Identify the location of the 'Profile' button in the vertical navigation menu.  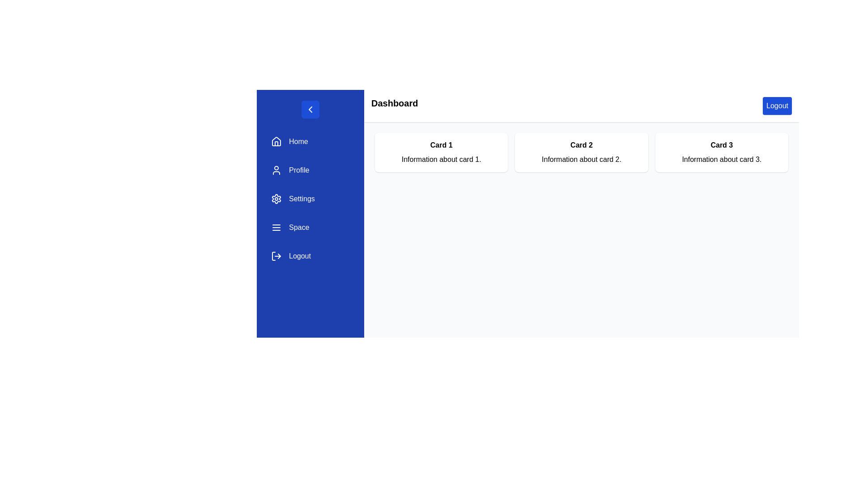
(310, 170).